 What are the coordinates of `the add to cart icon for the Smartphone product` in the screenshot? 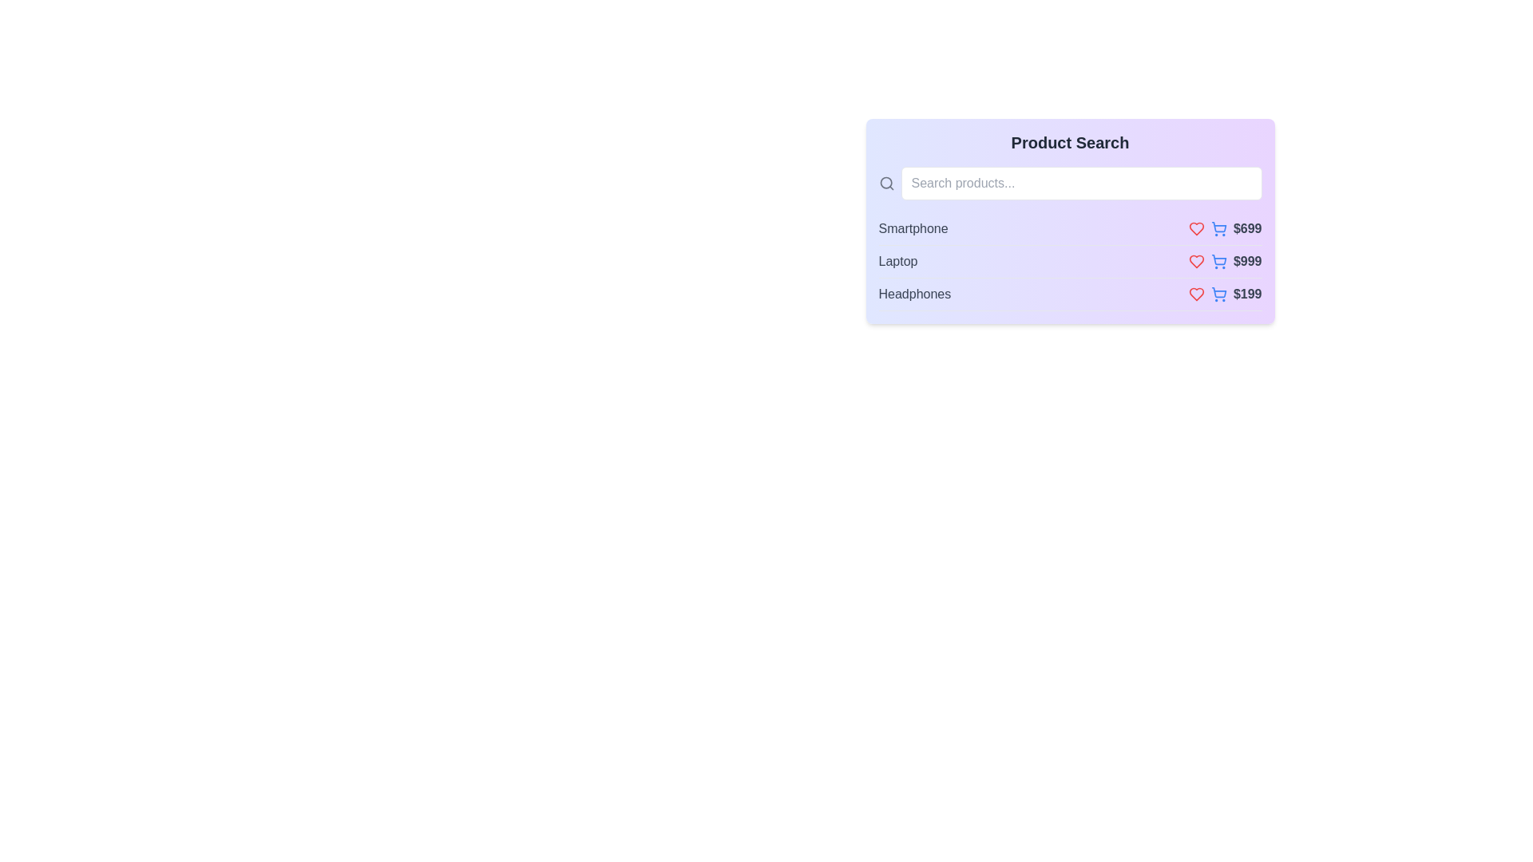 It's located at (1224, 228).